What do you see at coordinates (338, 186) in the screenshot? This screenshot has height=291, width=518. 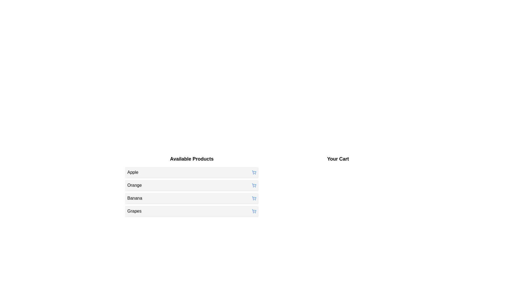 I see `the 'Your Cart' section to view the items currently in the cart` at bounding box center [338, 186].